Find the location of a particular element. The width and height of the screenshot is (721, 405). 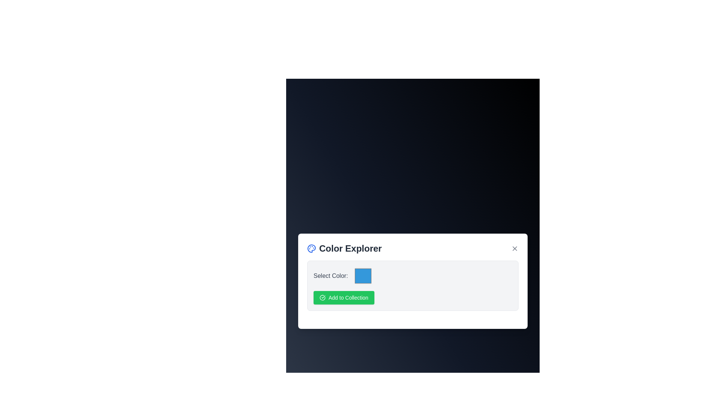

the 'close' button icon in the top-right corner of the 'Color Explorer' header bar to change its color is located at coordinates (514, 249).